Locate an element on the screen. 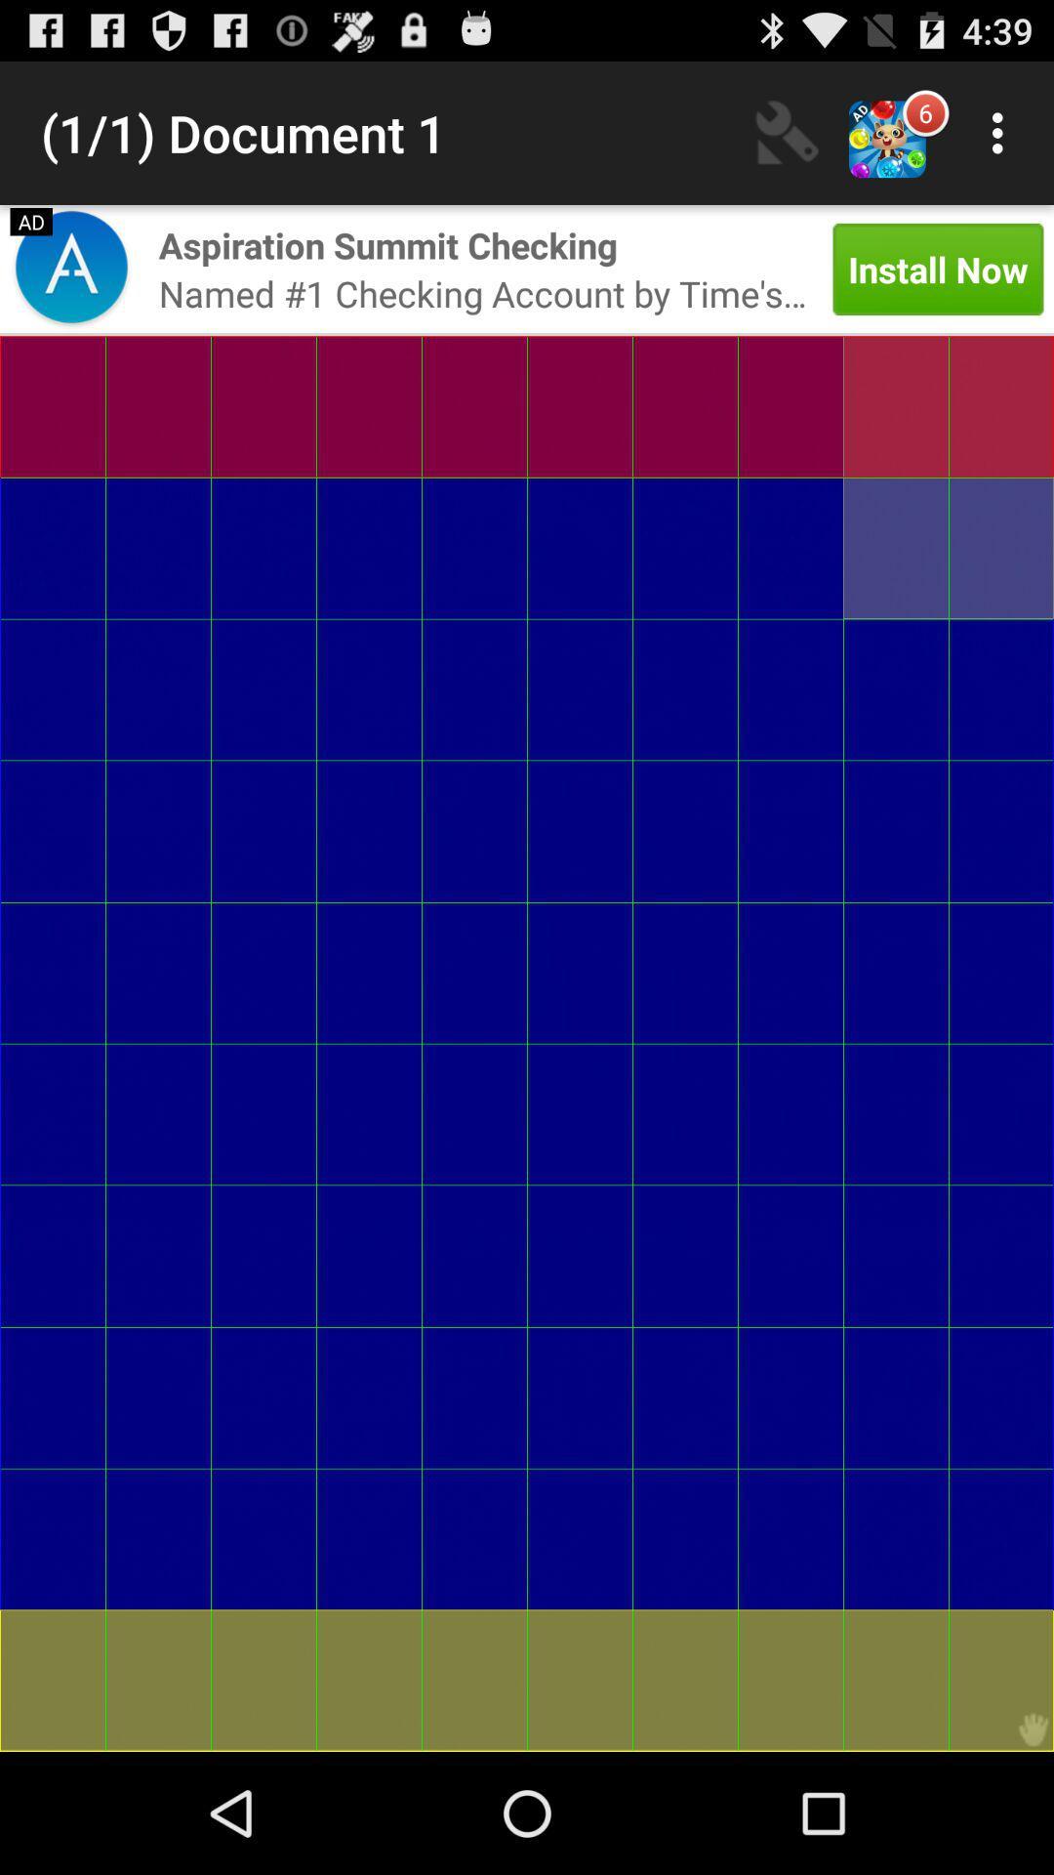 The image size is (1054, 1875). the icon above the install now is located at coordinates (1002, 132).